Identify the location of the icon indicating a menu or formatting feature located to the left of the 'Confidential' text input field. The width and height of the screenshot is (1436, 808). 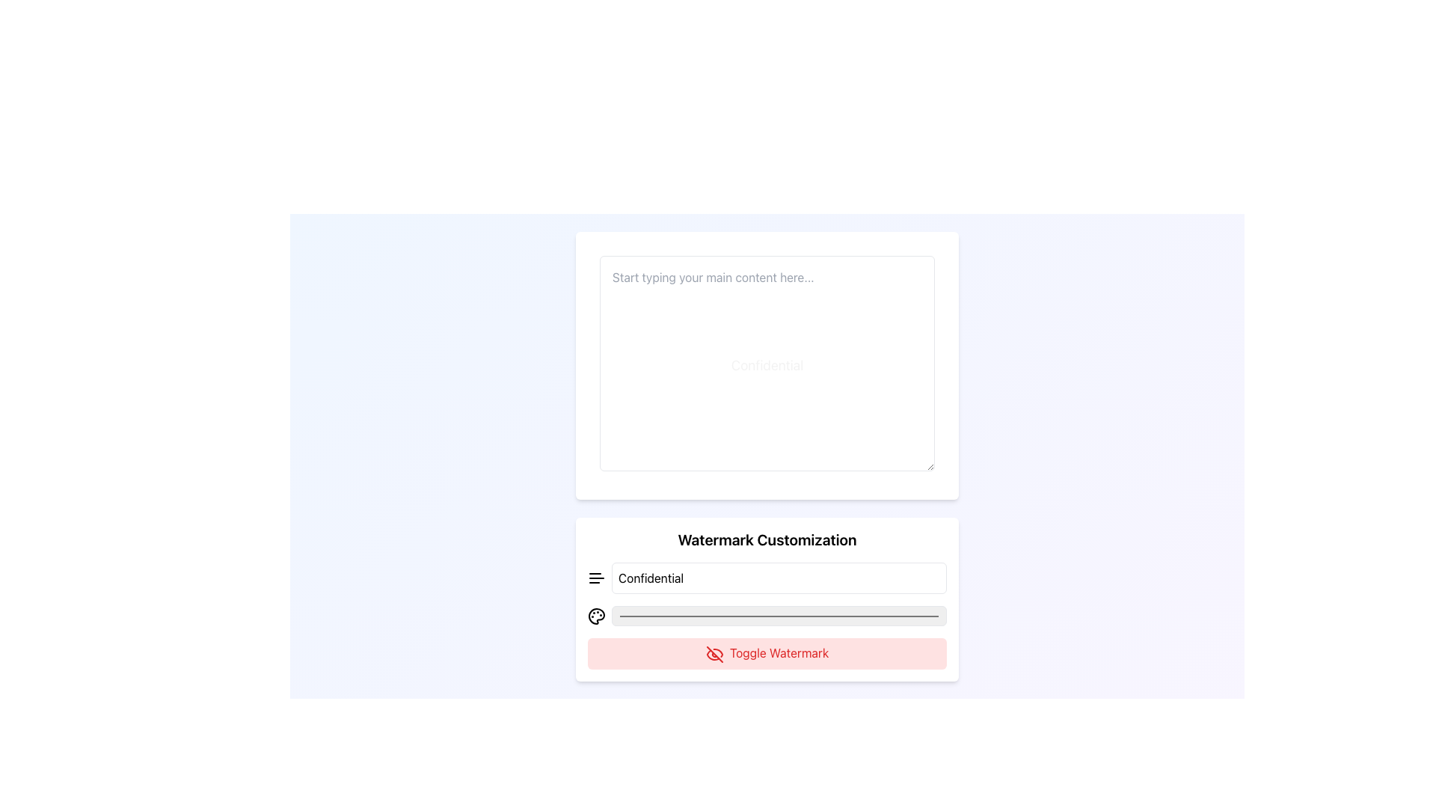
(595, 577).